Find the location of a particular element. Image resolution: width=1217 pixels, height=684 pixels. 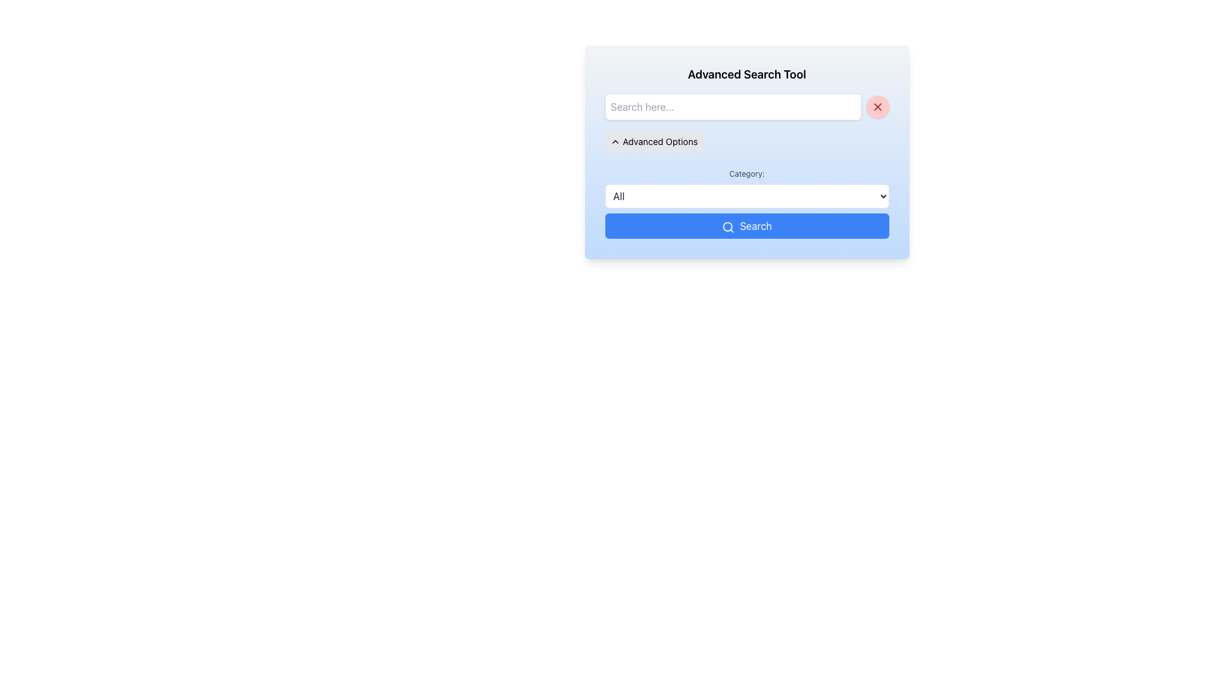

the 'Search' button which contains the circular magnifying glass icon, located at the center-bottom of the interface is located at coordinates (728, 226).